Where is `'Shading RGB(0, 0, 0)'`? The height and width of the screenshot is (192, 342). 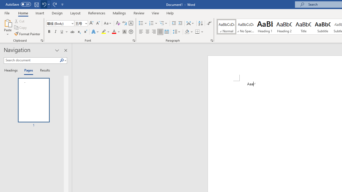 'Shading RGB(0, 0, 0)' is located at coordinates (187, 32).